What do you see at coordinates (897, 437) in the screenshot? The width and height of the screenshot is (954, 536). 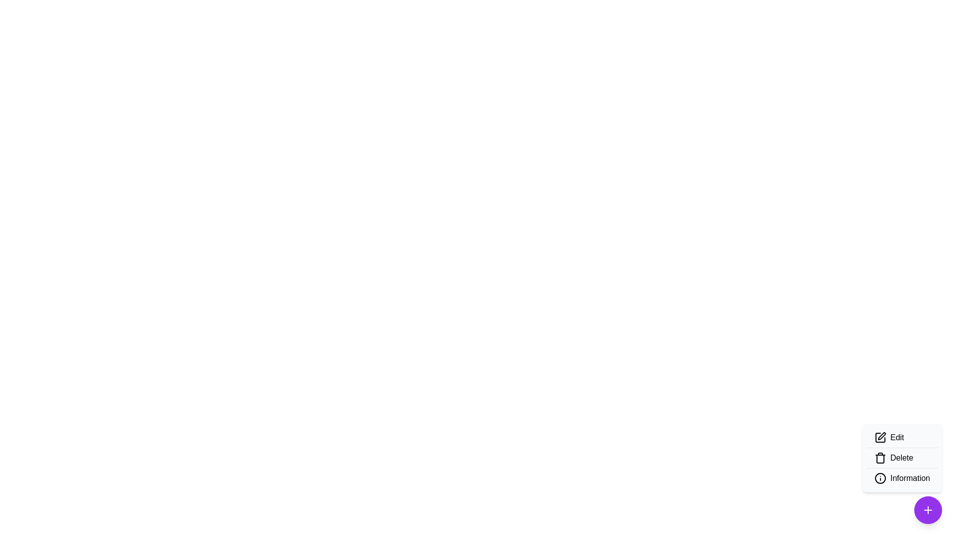 I see `the 'Edit' text label, which is styled in a medium-weight font and is part of a toolbar near a pencil icon` at bounding box center [897, 437].